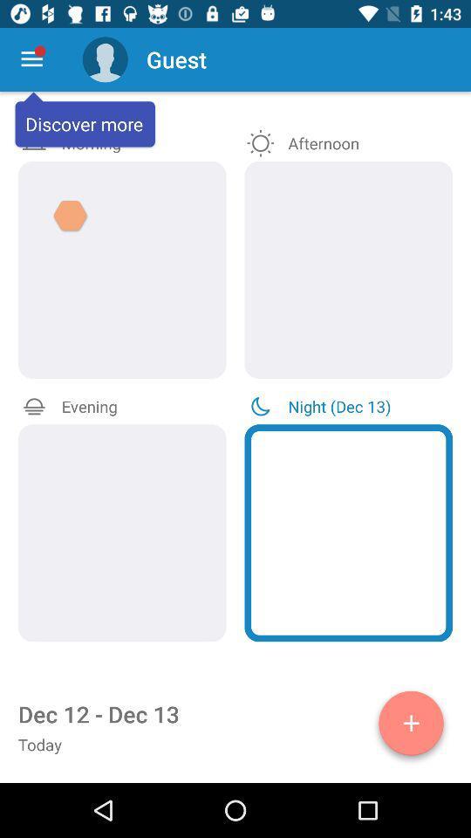 The height and width of the screenshot is (838, 471). I want to click on selection for evening scheduling, so click(121, 532).